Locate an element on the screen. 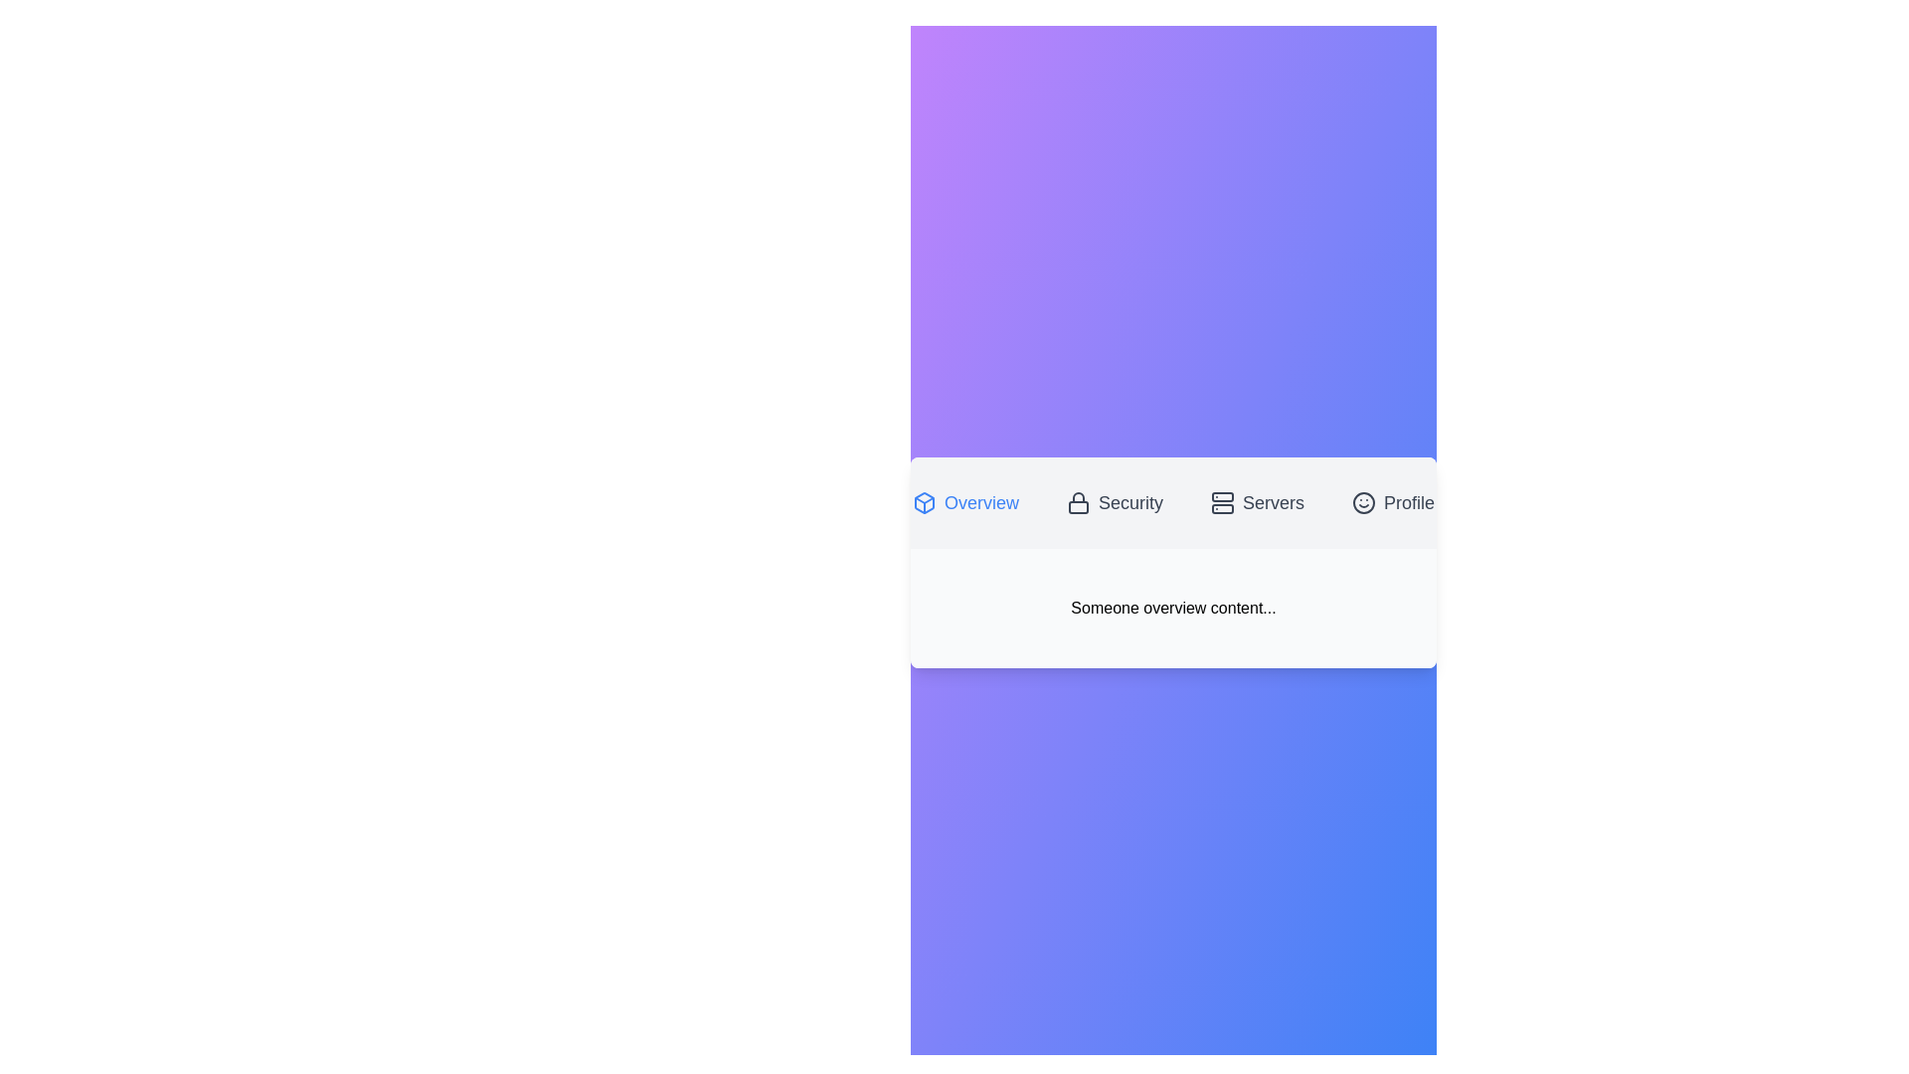 Image resolution: width=1909 pixels, height=1074 pixels. the decorative icon component representing a 'server' in the navigation bar, located between the 'Security' and 'Profile' icons is located at coordinates (1221, 496).